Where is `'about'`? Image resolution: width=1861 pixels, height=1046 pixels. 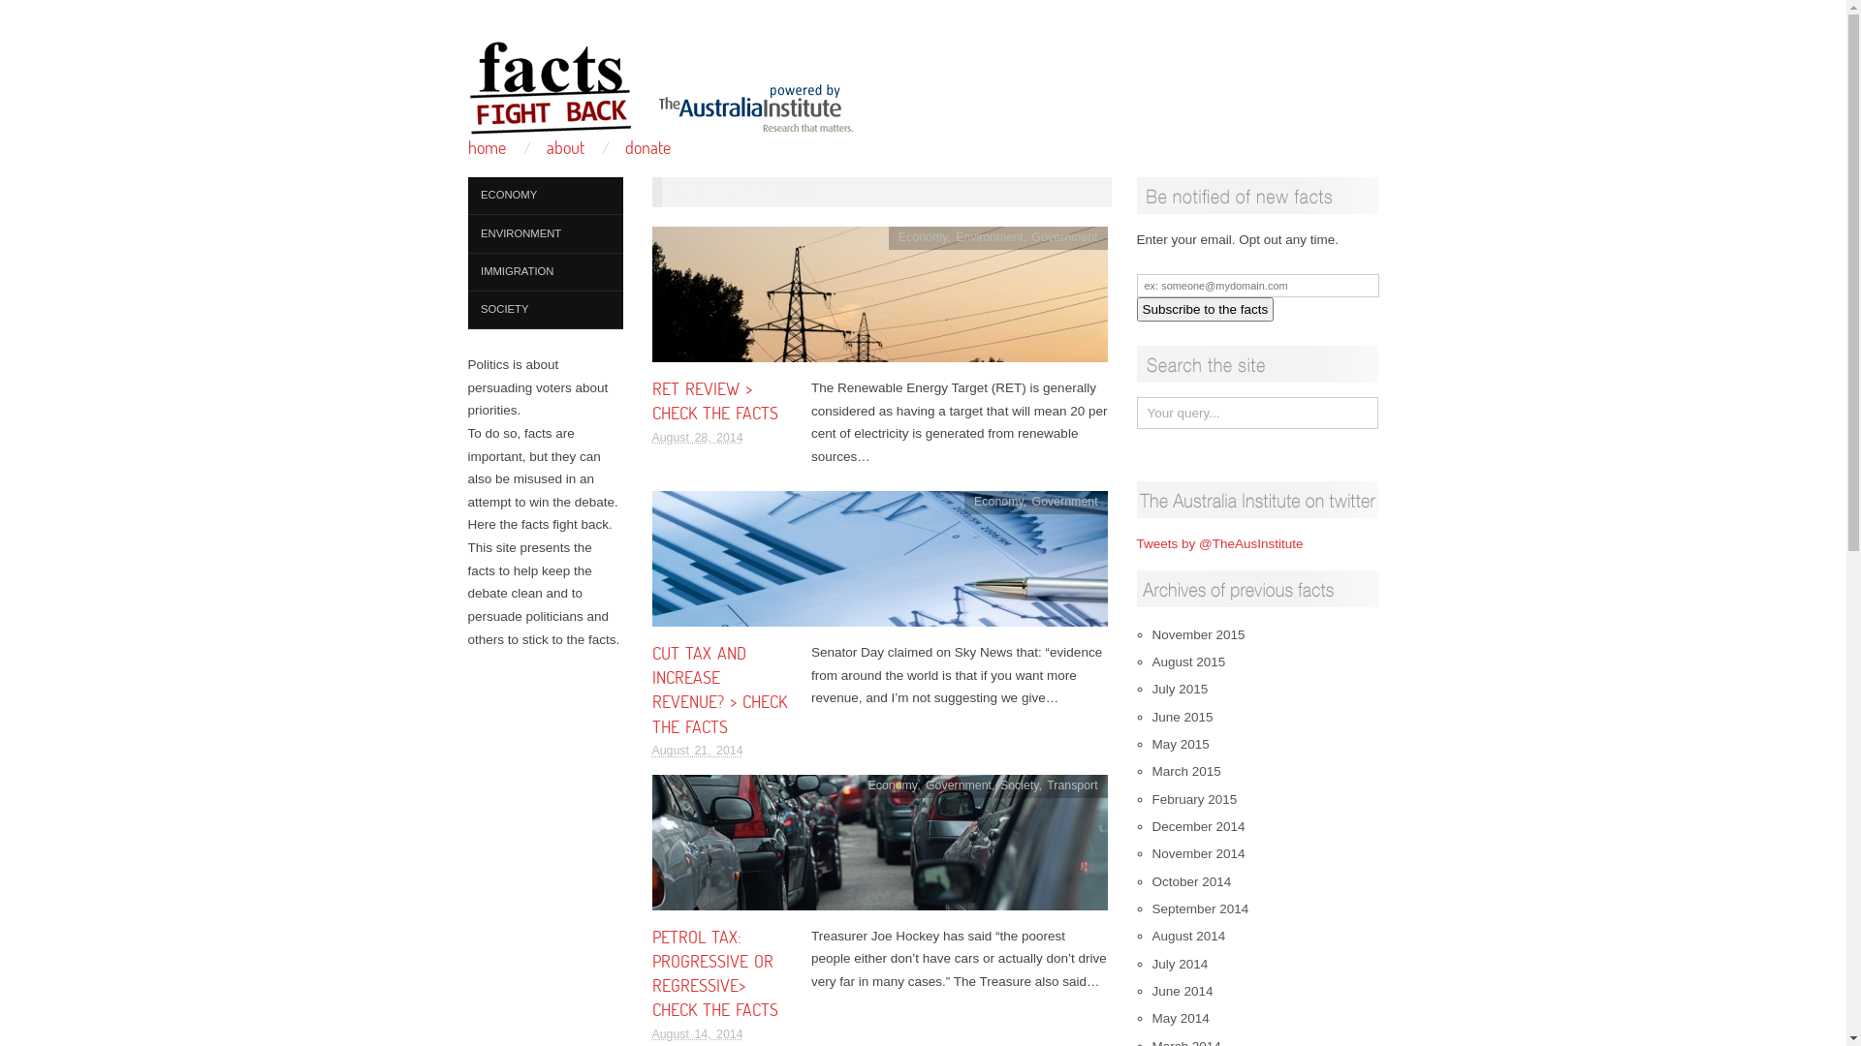
'about' is located at coordinates (546, 145).